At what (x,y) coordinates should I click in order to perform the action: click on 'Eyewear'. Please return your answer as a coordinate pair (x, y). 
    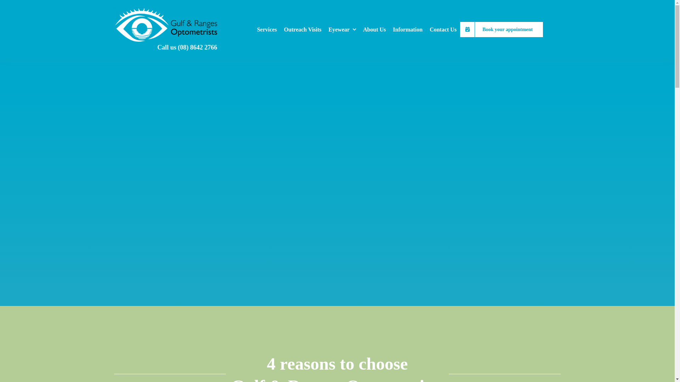
    Looking at the image, I should click on (324, 29).